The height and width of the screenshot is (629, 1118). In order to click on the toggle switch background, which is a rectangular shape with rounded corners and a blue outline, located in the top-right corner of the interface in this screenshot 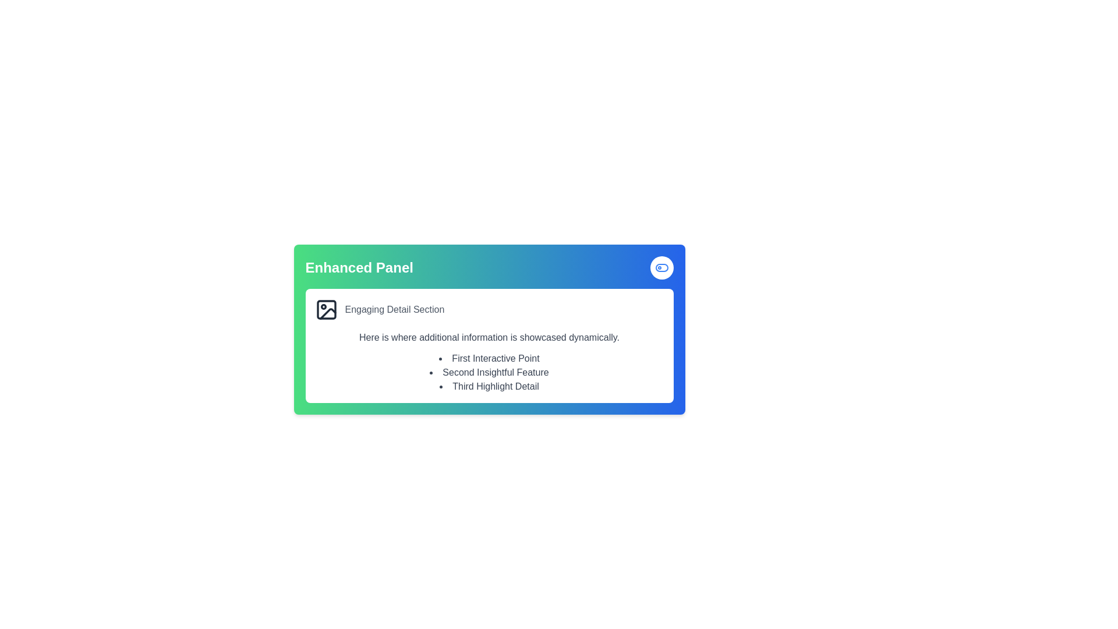, I will do `click(661, 267)`.